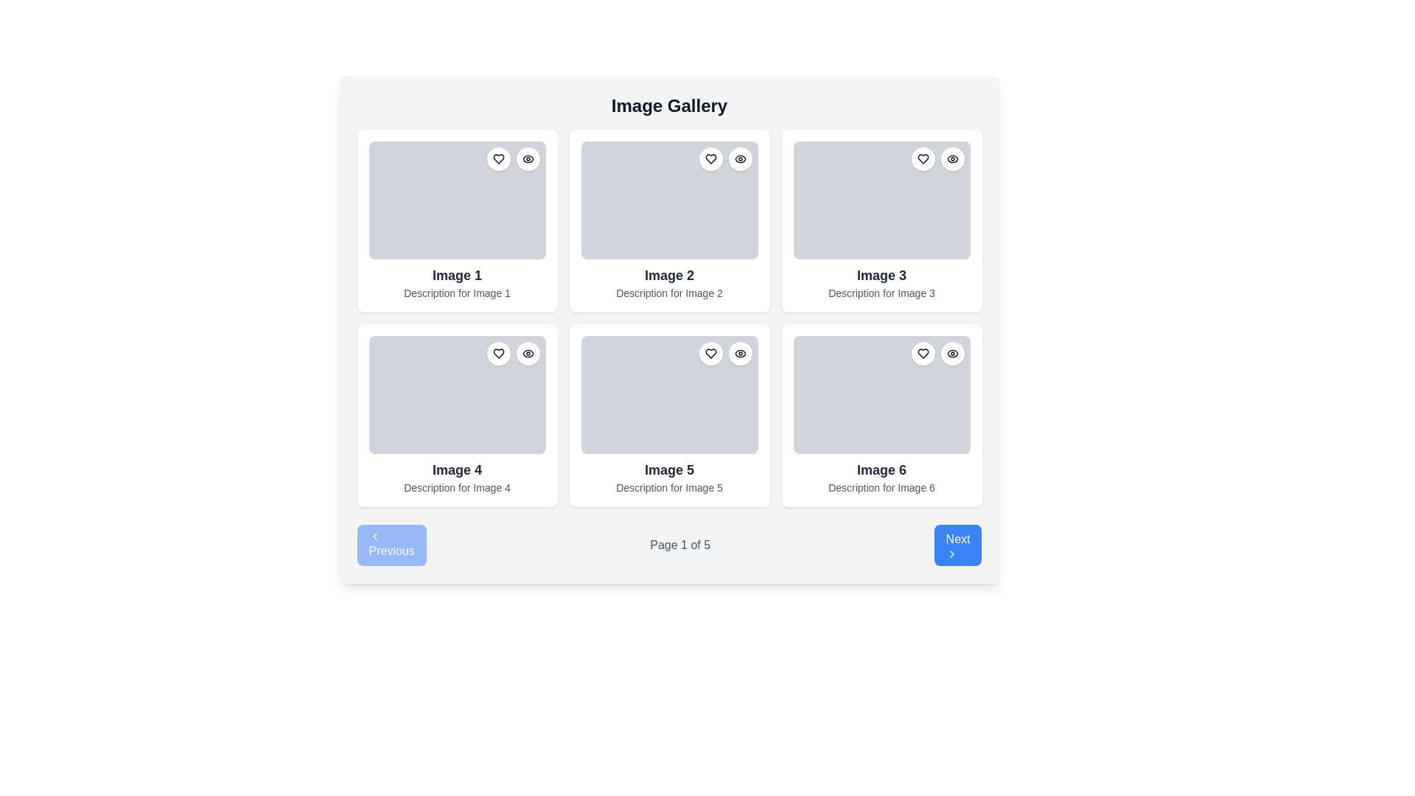  Describe the element at coordinates (498, 159) in the screenshot. I see `the heart icon located in the circular button at the top-right corner of the first image in the 3x2 image grid, which supports drag-and-drop functionality` at that location.